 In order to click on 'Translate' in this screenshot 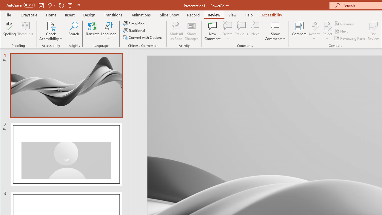, I will do `click(92, 31)`.